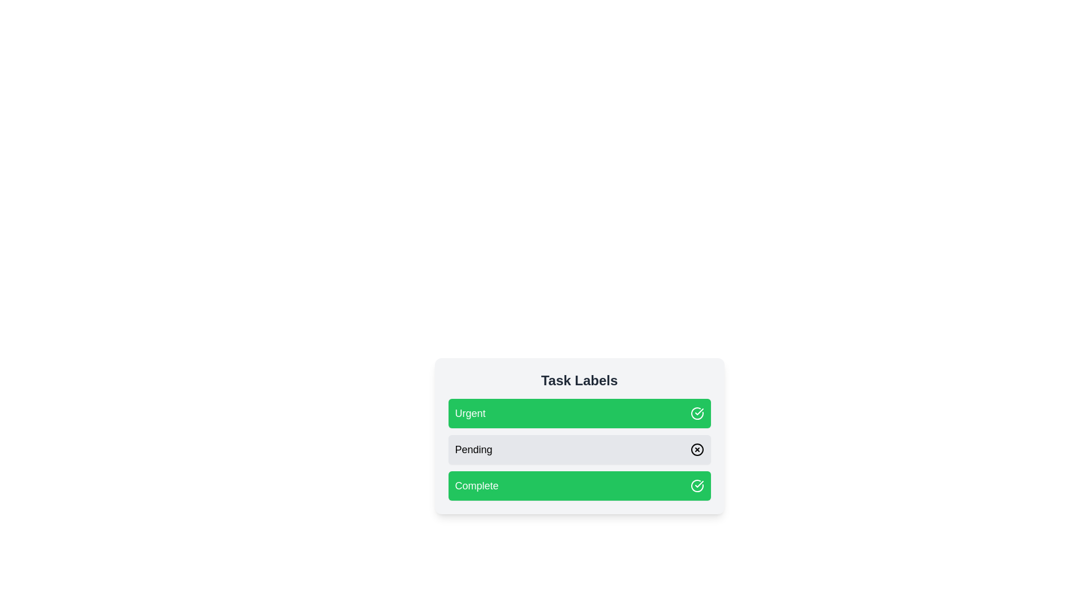 This screenshot has height=611, width=1086. I want to click on the label Complete to observe the hover effect, so click(579, 485).